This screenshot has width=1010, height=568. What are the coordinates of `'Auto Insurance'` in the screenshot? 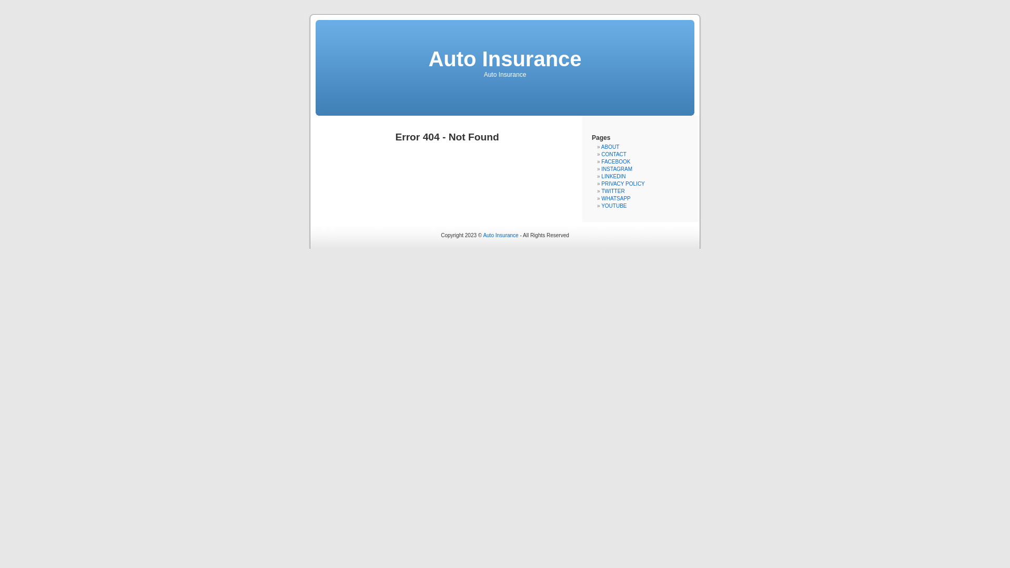 It's located at (504, 58).